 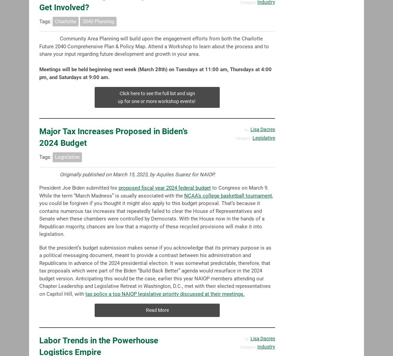 What do you see at coordinates (156, 214) in the screenshot?
I see `', you could be forgiven if you thought it might also apply to this budget proposal. That’s because it contains numerous tax increases that repeatedly failed to clear the House of Representatives and Senate when these chambers were controlled by Democrats. With the House now in the hands of a Republican majority, chances are low that a majority of these recycled provisions will make it into legislation.'` at bounding box center [156, 214].